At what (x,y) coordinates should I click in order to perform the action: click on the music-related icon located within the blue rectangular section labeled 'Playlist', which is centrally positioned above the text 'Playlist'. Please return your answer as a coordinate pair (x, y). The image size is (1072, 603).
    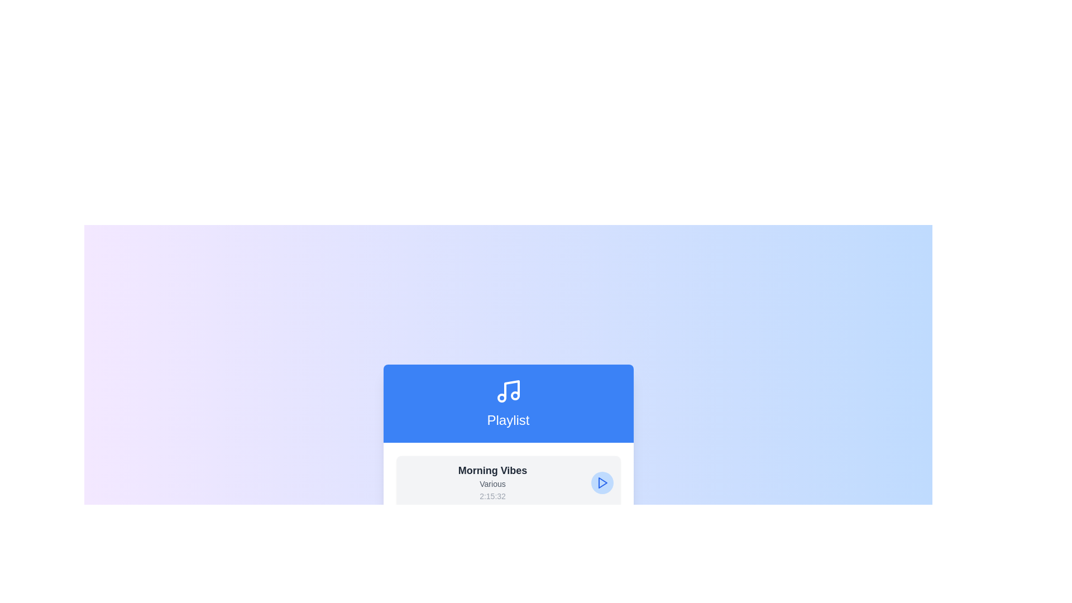
    Looking at the image, I should click on (508, 391).